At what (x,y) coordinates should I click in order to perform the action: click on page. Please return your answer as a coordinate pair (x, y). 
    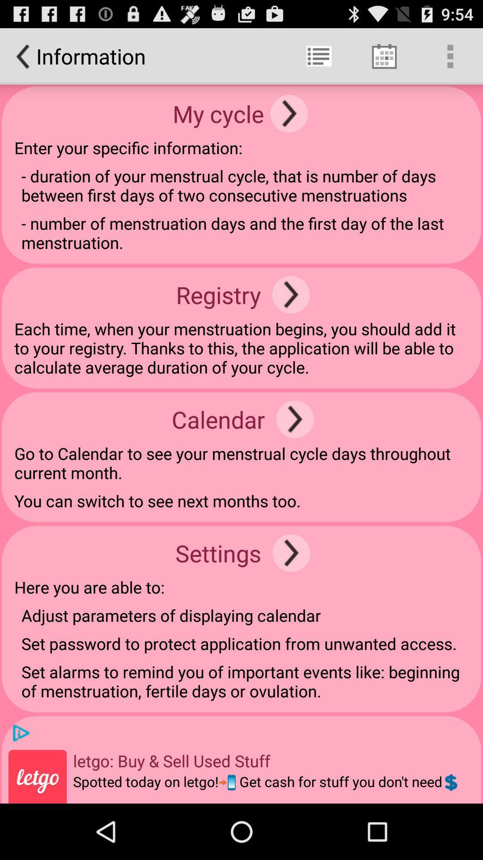
    Looking at the image, I should click on (289, 113).